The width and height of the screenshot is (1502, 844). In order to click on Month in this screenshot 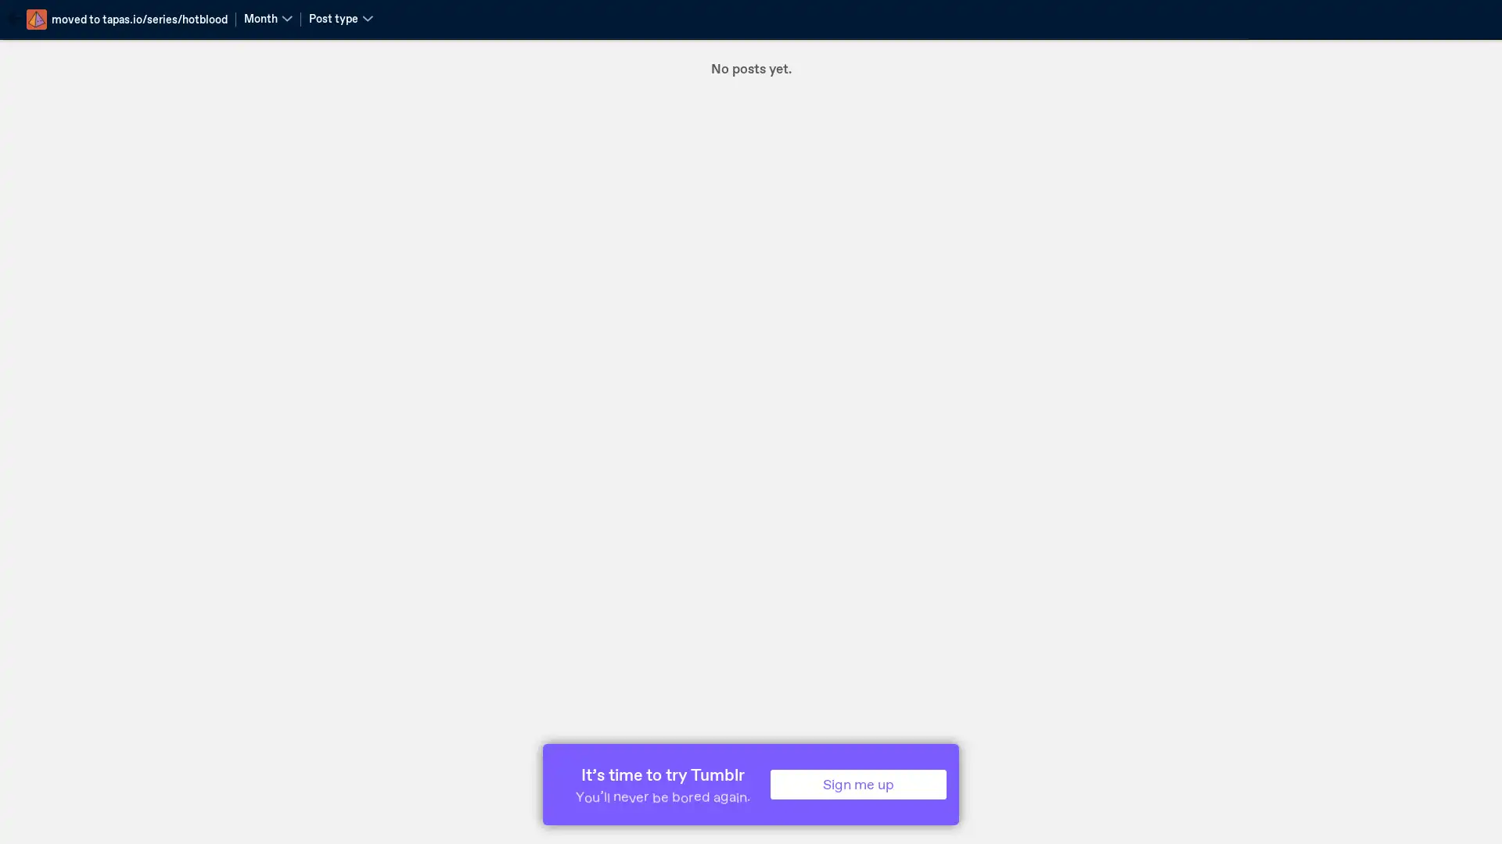, I will do `click(268, 18)`.